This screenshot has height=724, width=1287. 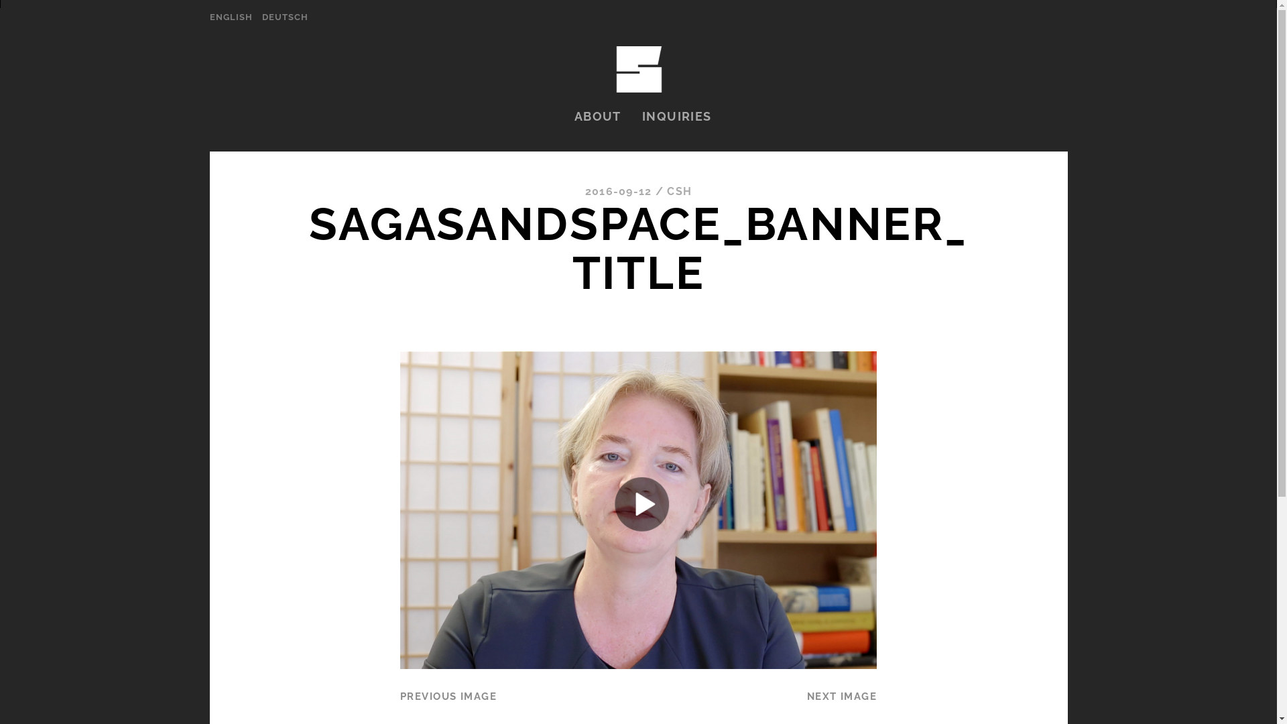 What do you see at coordinates (597, 115) in the screenshot?
I see `'ABOUT'` at bounding box center [597, 115].